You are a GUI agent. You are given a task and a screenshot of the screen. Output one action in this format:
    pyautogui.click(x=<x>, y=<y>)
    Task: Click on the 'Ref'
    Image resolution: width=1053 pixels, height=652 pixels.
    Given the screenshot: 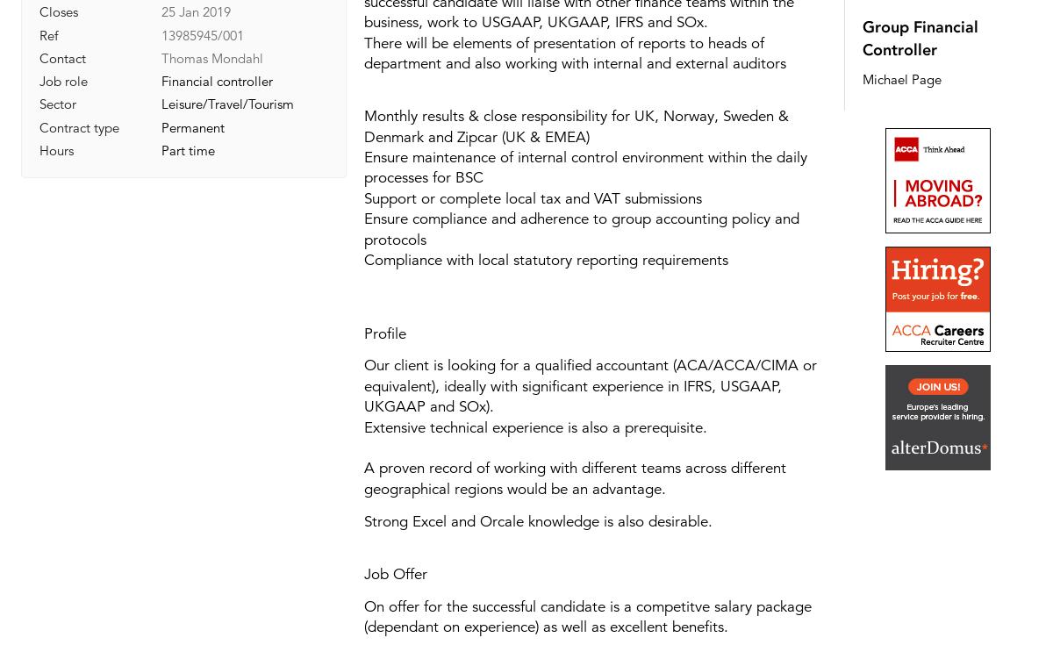 What is the action you would take?
    pyautogui.click(x=48, y=33)
    